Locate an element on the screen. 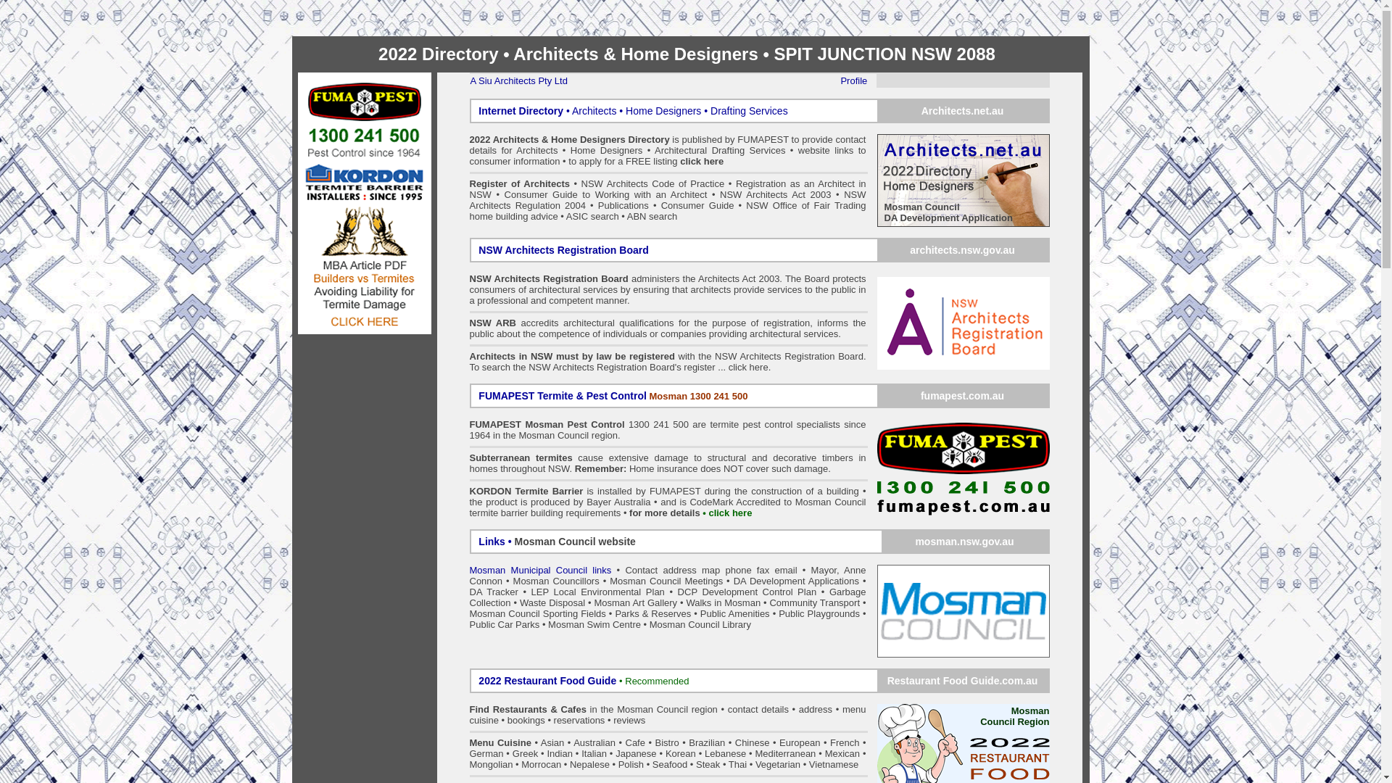  'LEP Local Environmental Plan' is located at coordinates (598, 592).